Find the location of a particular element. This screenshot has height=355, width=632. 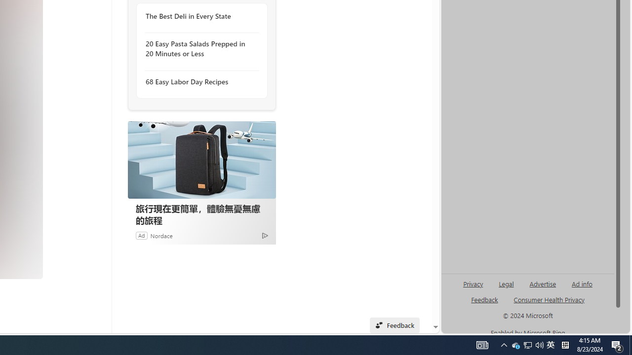

'20 Easy Pasta Salads Prepped in 20 Minutes or Less' is located at coordinates (198, 49).